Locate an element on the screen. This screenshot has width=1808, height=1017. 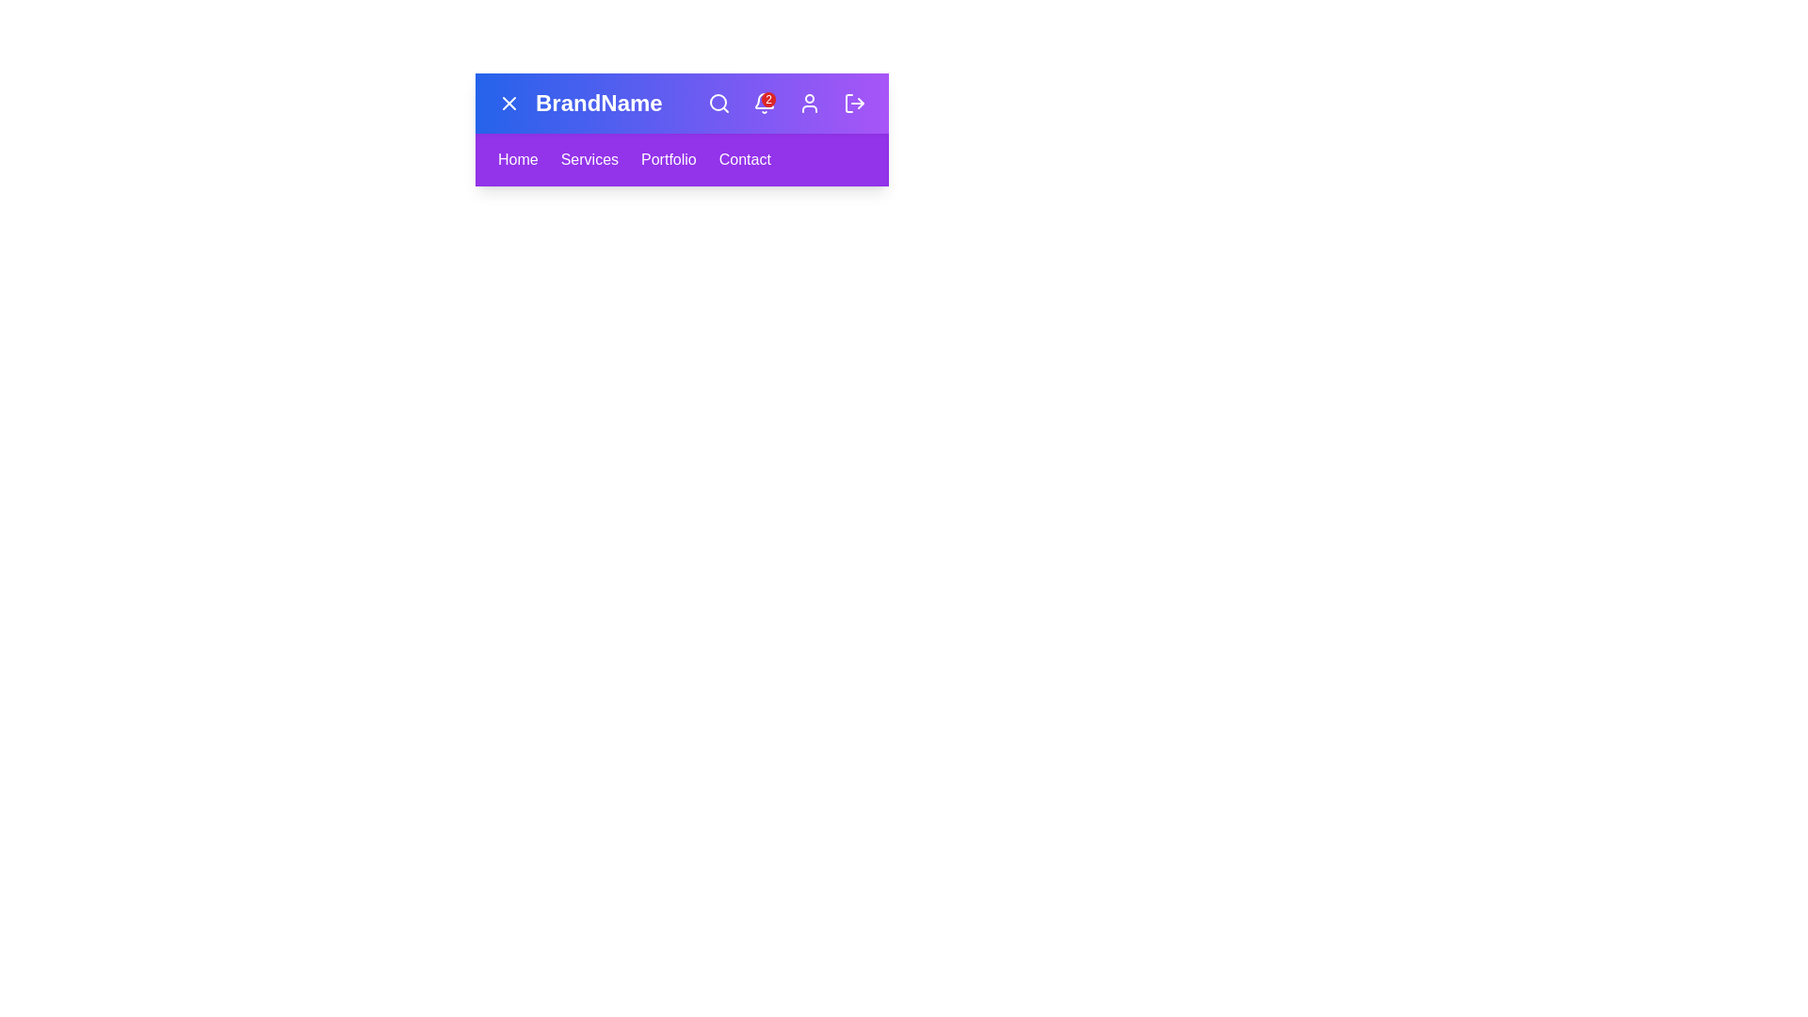
the Text Label that serves as a navigation link to the Services page, which is the second item in the menu, positioned between 'Home' and 'Portfolio' is located at coordinates (589, 158).